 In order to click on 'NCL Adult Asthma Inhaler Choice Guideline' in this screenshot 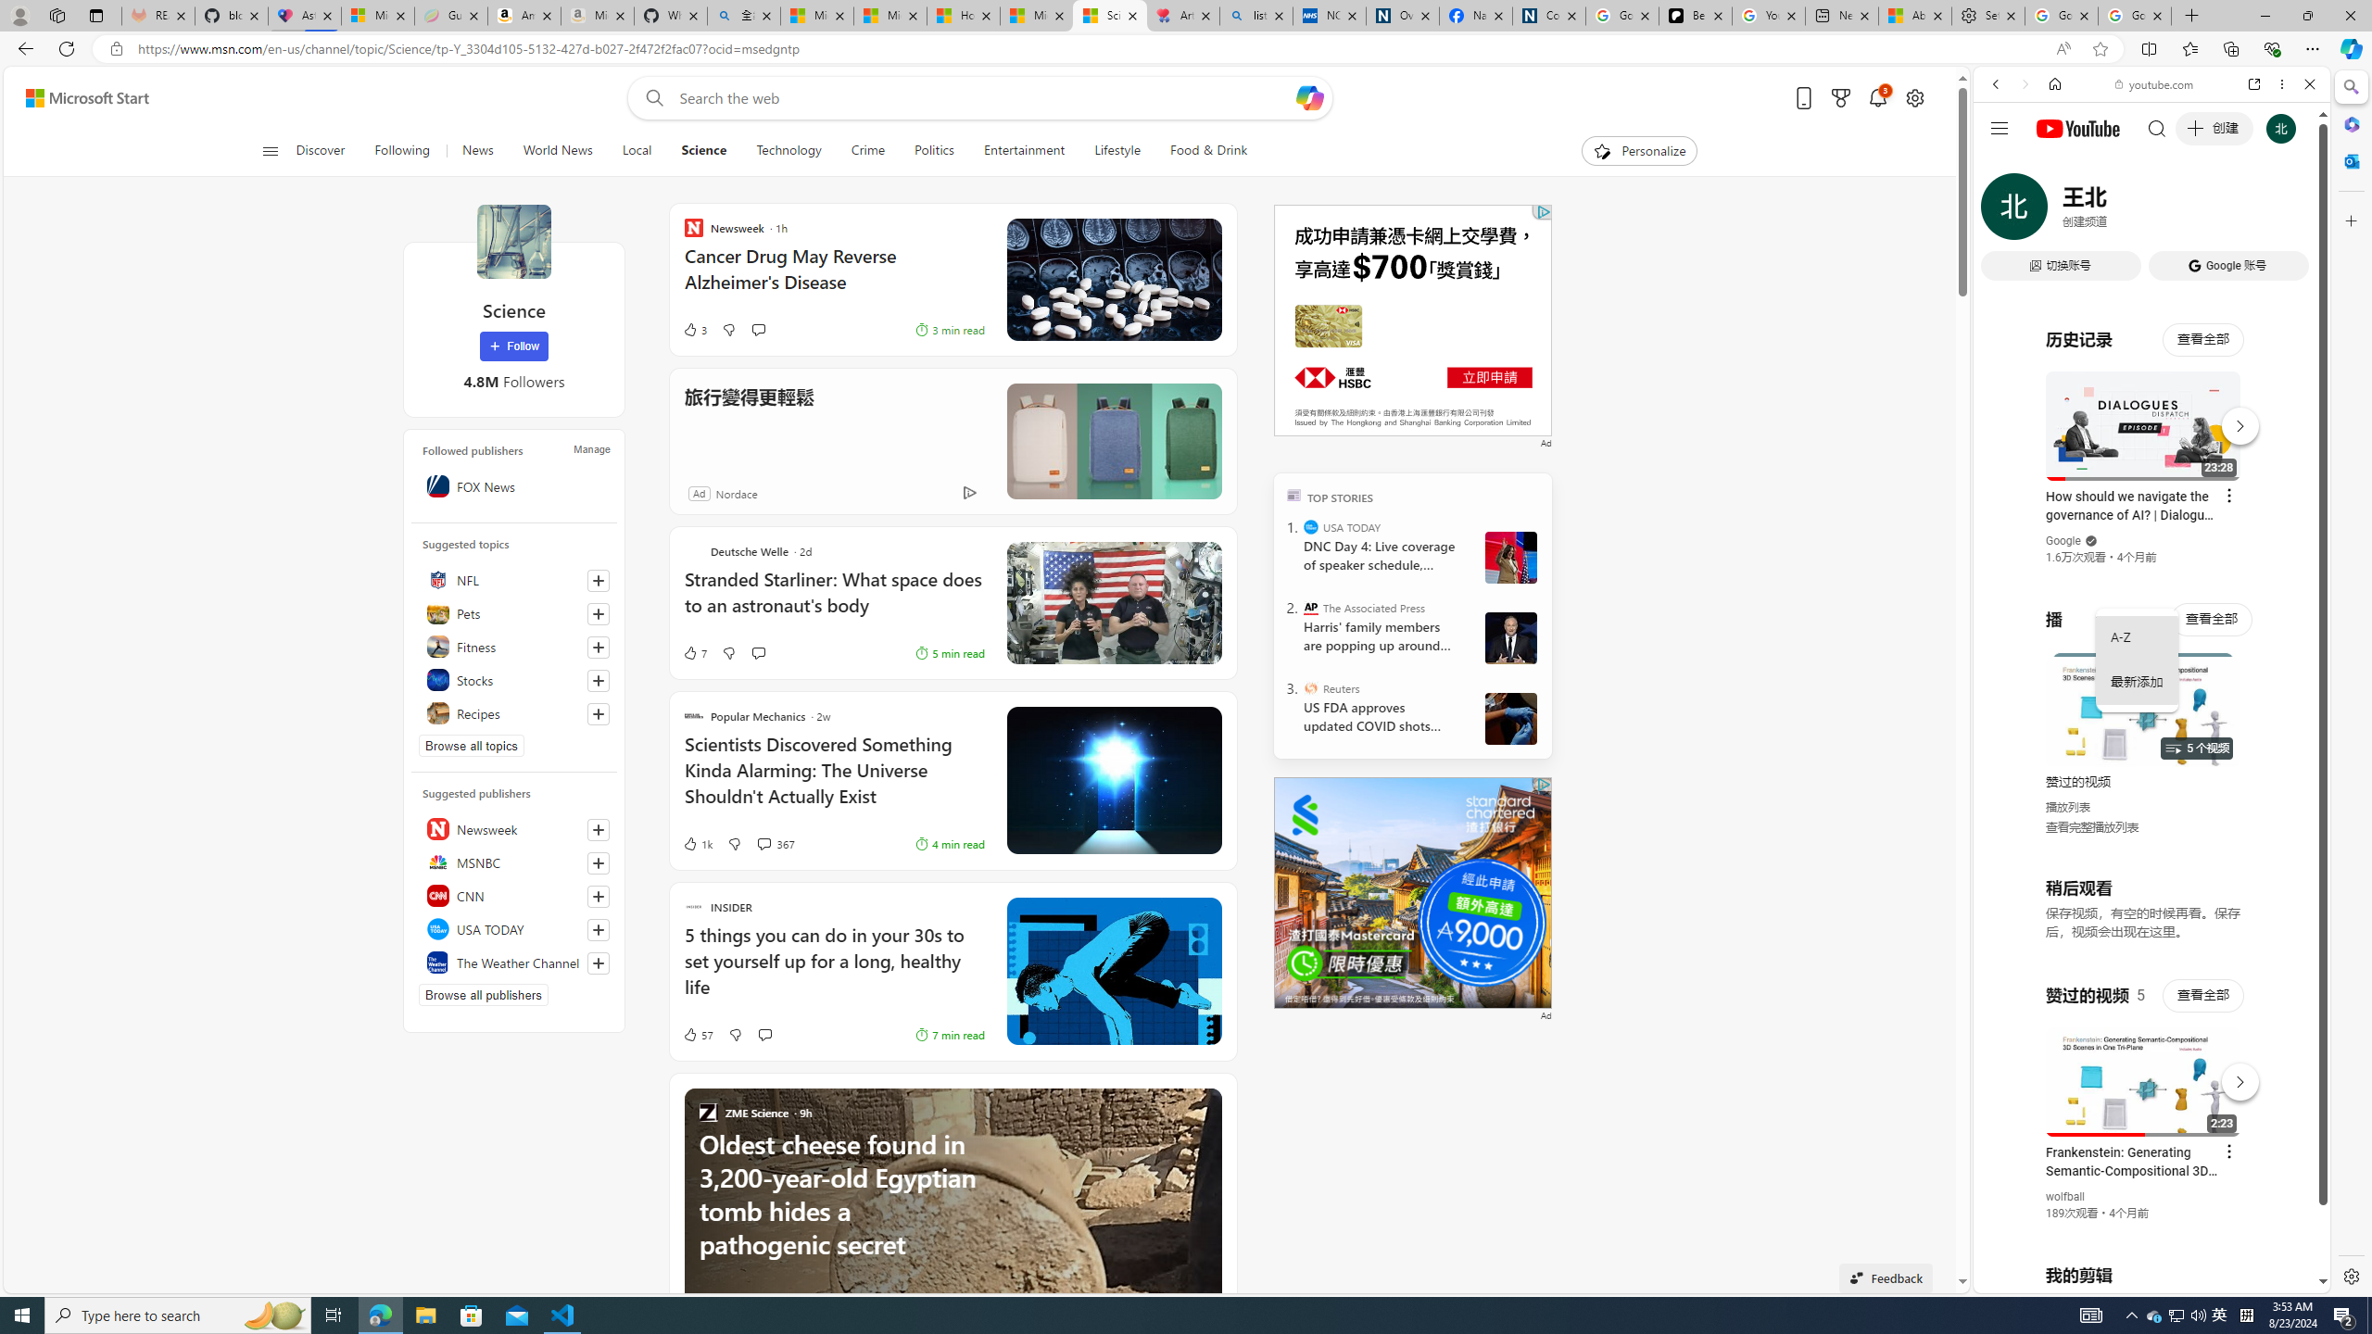, I will do `click(1329, 15)`.